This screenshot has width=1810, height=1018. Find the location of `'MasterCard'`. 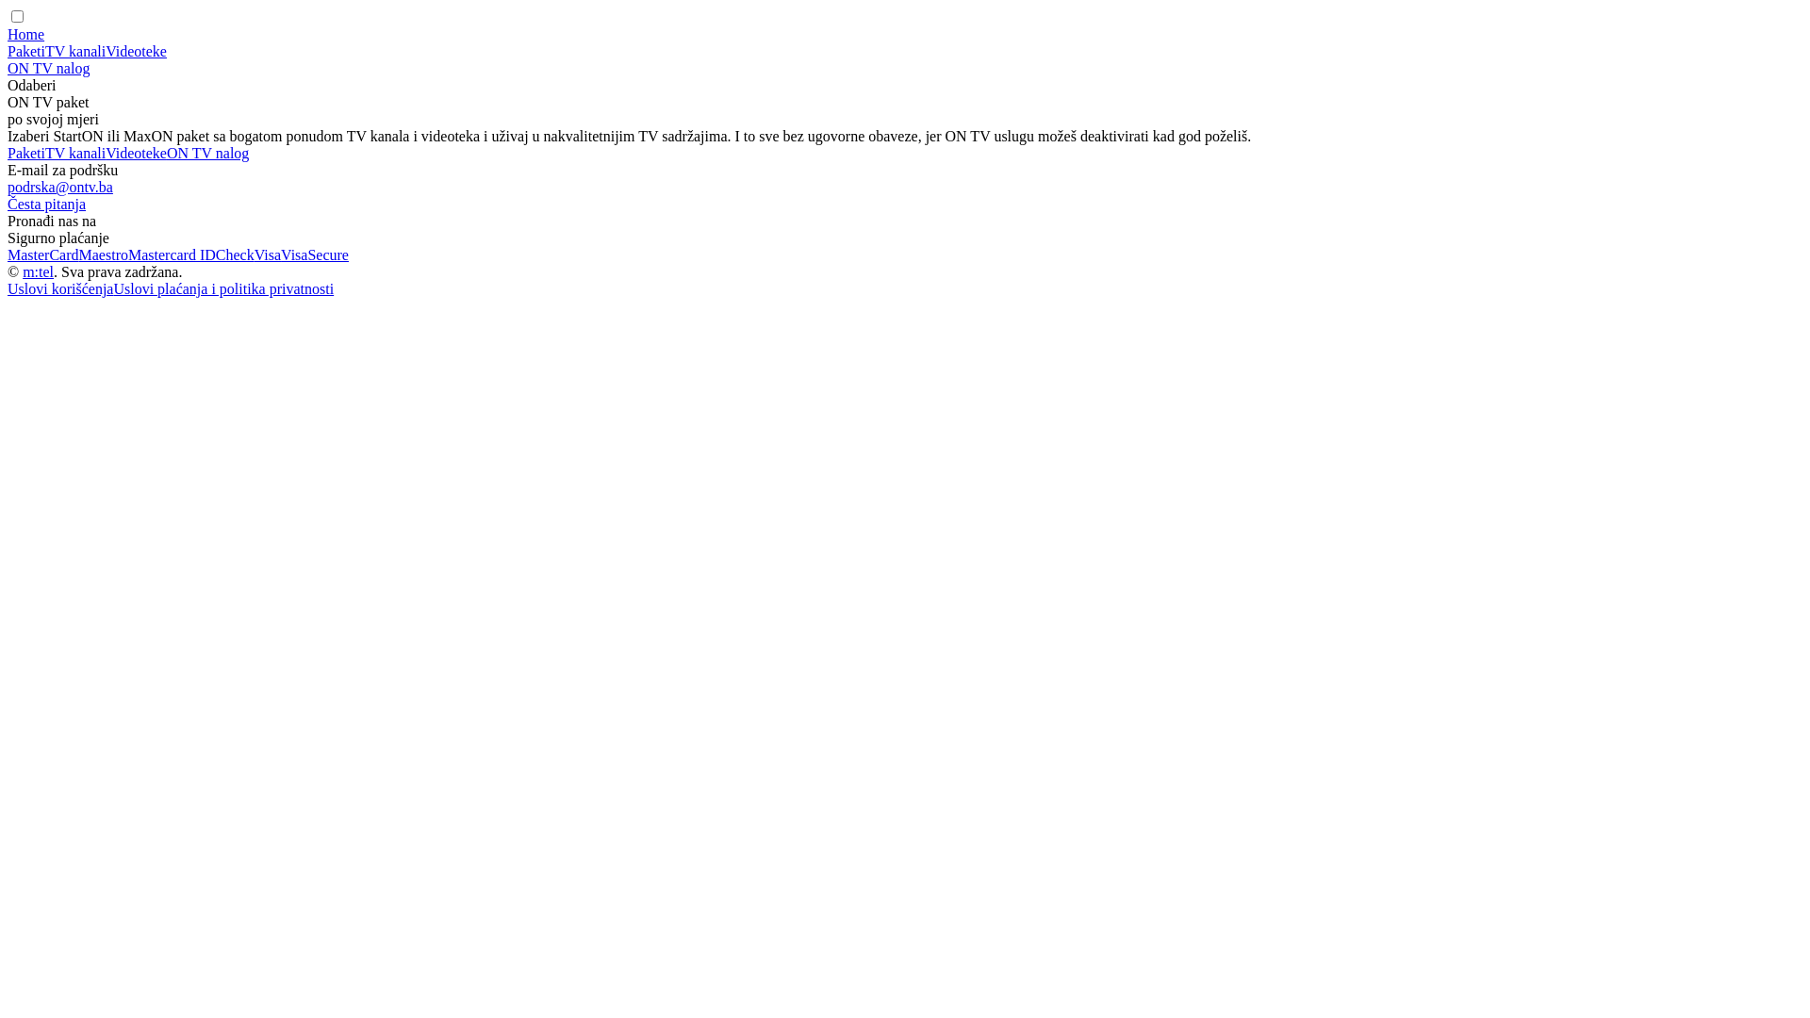

'MasterCard' is located at coordinates (8, 254).